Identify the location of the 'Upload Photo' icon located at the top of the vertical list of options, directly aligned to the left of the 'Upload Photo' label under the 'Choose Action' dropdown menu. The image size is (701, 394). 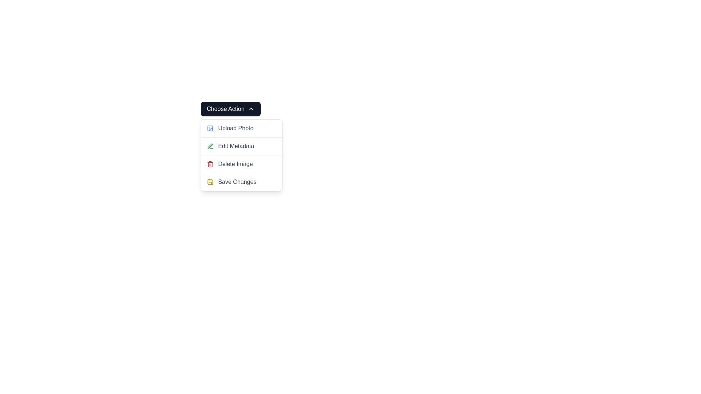
(210, 128).